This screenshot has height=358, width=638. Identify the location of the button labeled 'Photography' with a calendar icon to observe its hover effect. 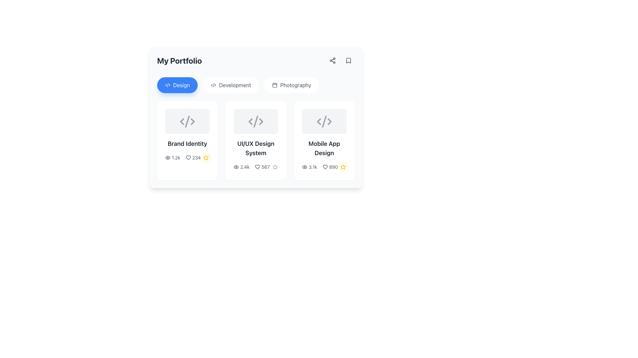
(292, 85).